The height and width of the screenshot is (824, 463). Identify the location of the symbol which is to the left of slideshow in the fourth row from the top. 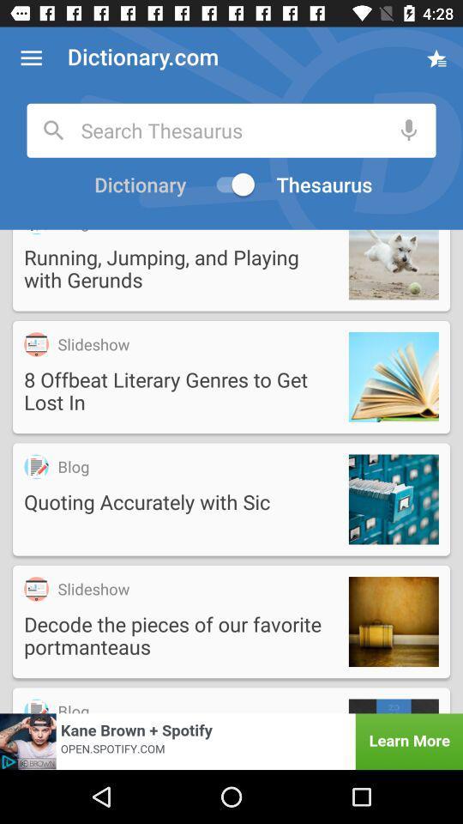
(36, 589).